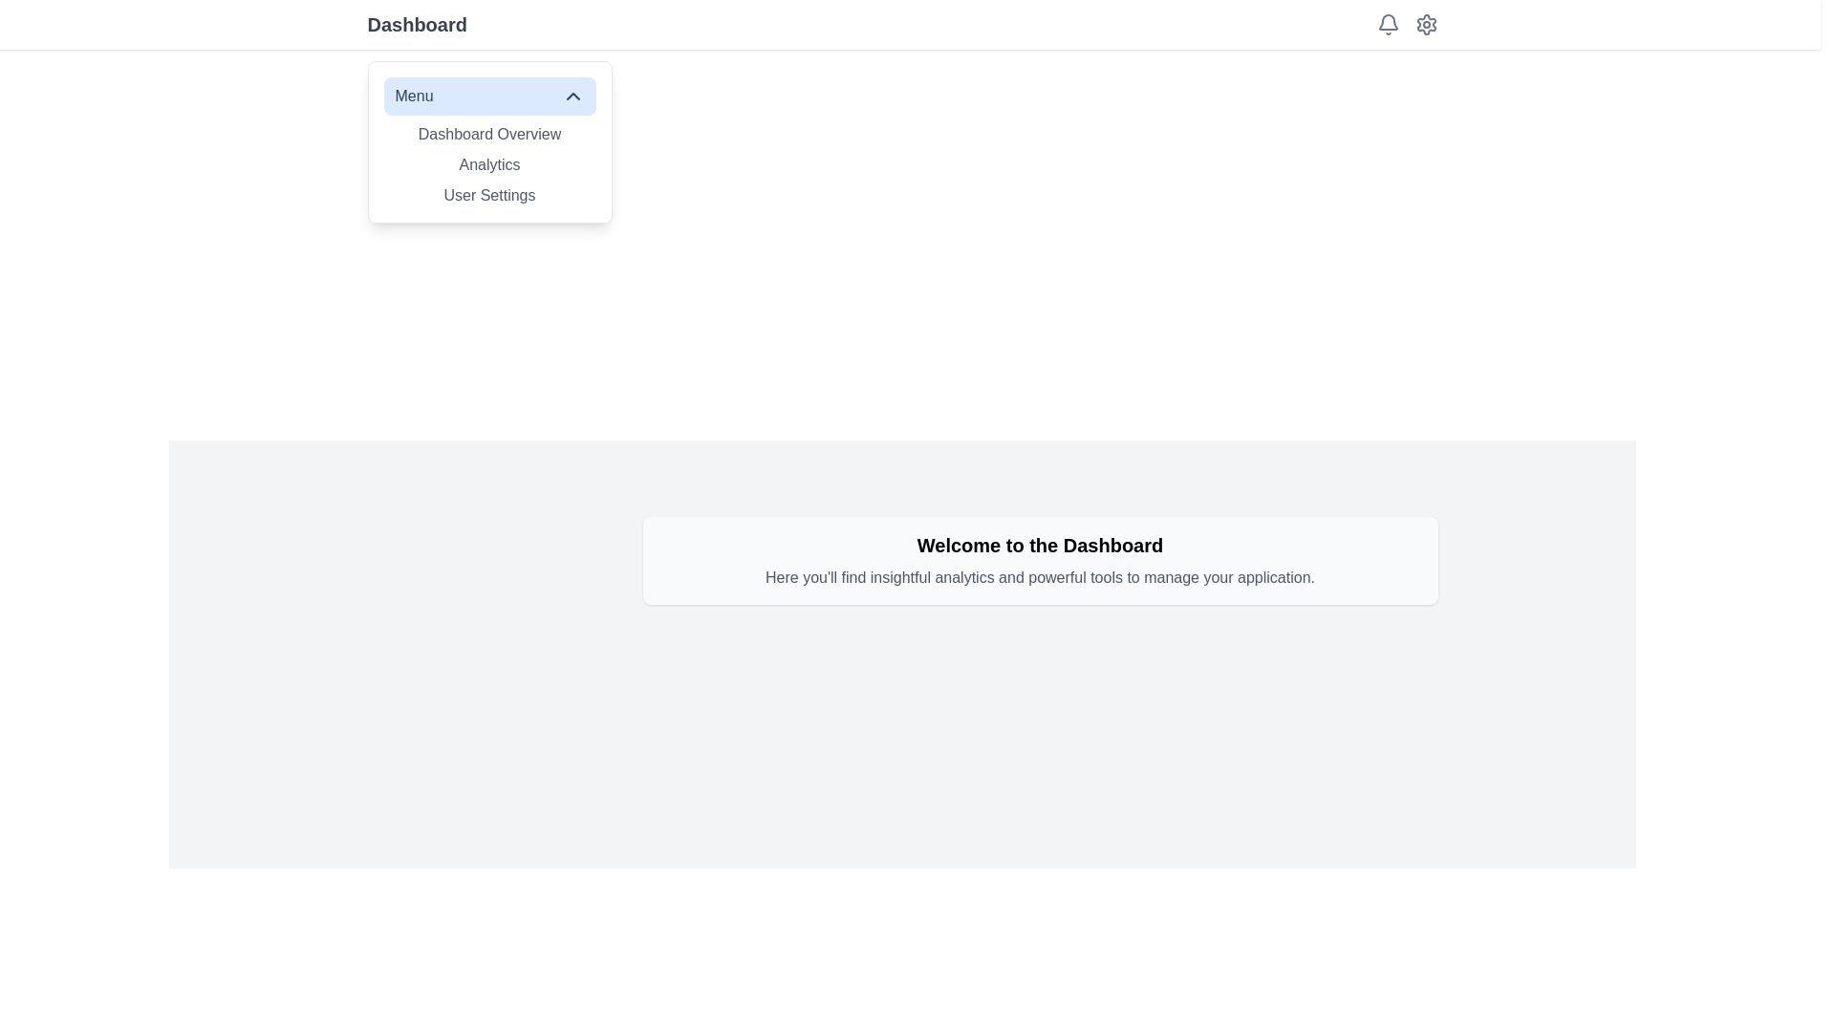 This screenshot has width=1835, height=1032. Describe the element at coordinates (1388, 25) in the screenshot. I see `the bell icon button located in the top-right corner of the layout` at that location.